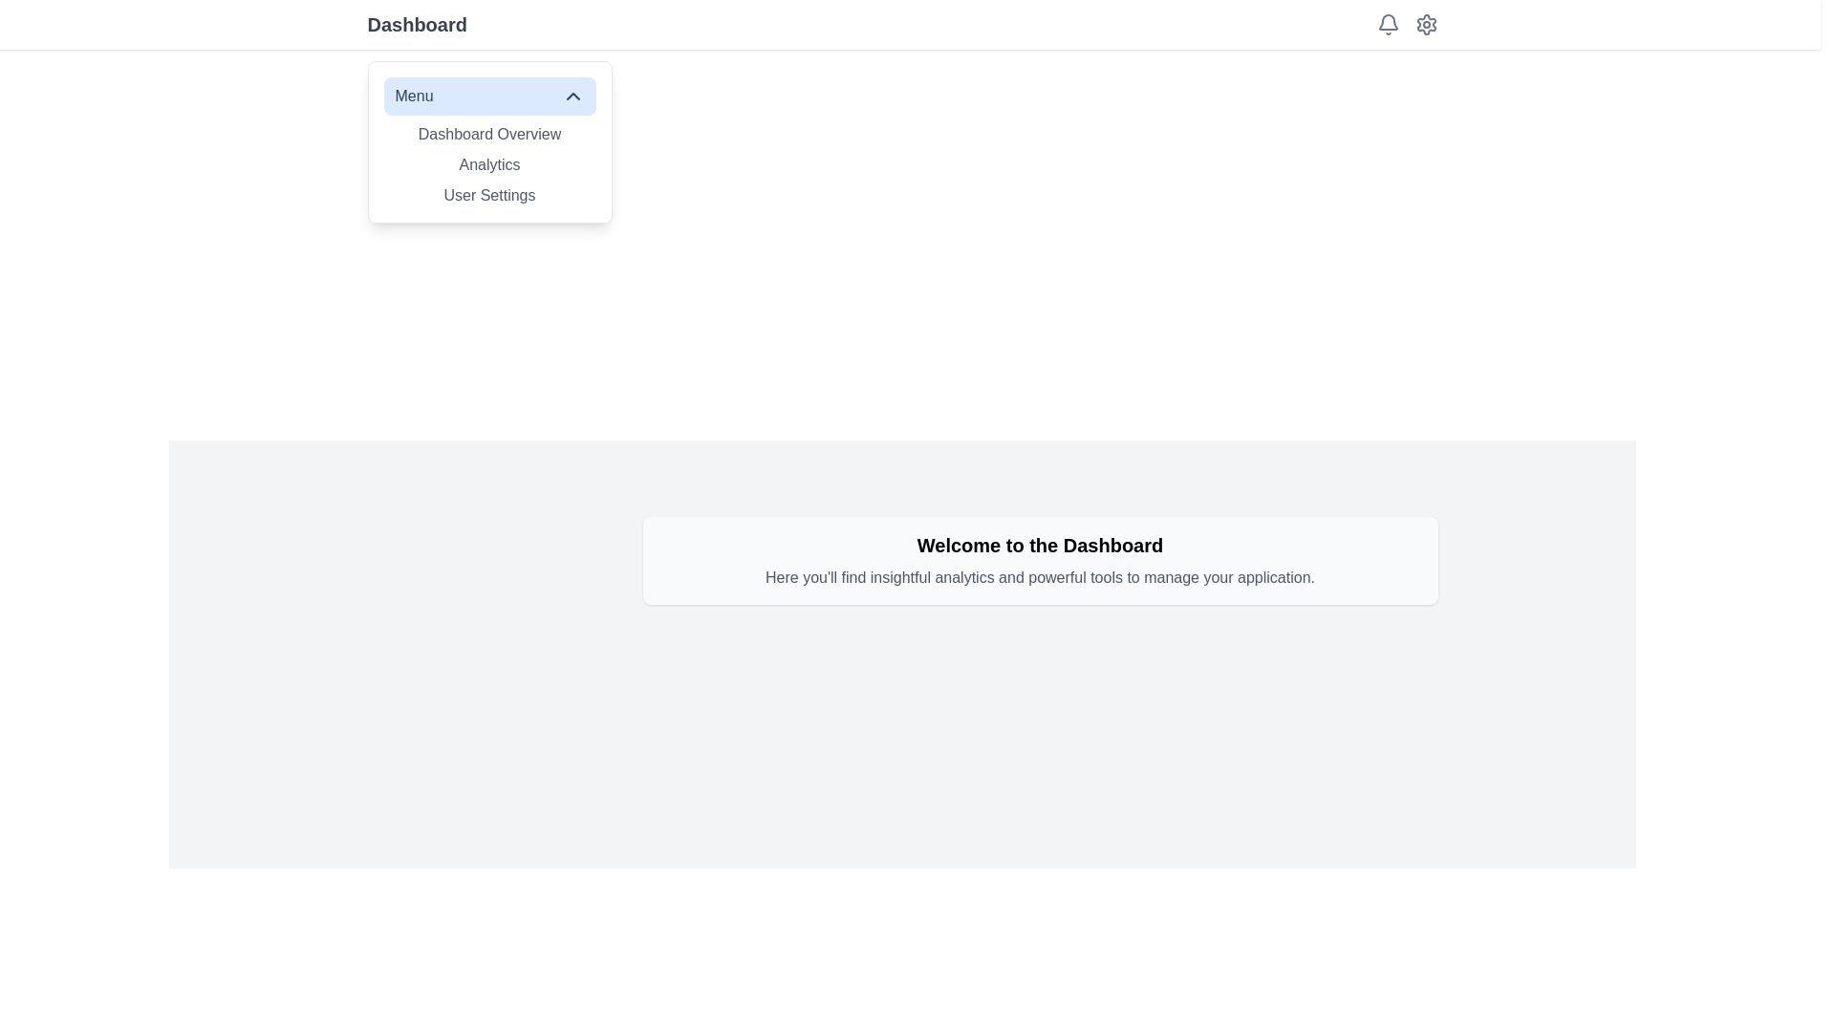 This screenshot has width=1835, height=1032. Describe the element at coordinates (1388, 25) in the screenshot. I see `the bell icon button located in the top-right corner of the layout` at that location.